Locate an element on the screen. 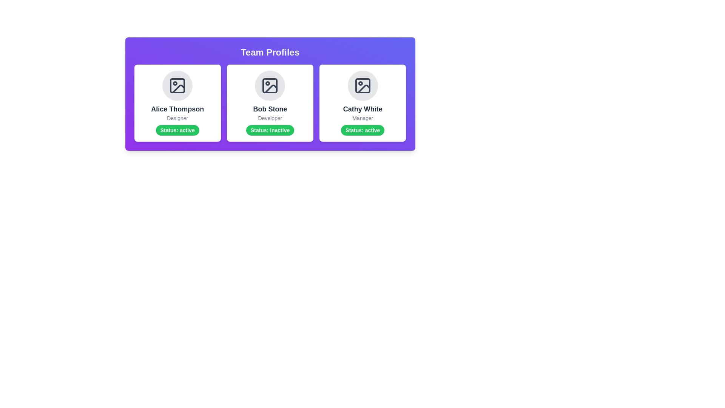  the text label displaying 'Cathy White' in bold dark gray font, positioned at the top-center of the rightmost profile card is located at coordinates (362, 109).